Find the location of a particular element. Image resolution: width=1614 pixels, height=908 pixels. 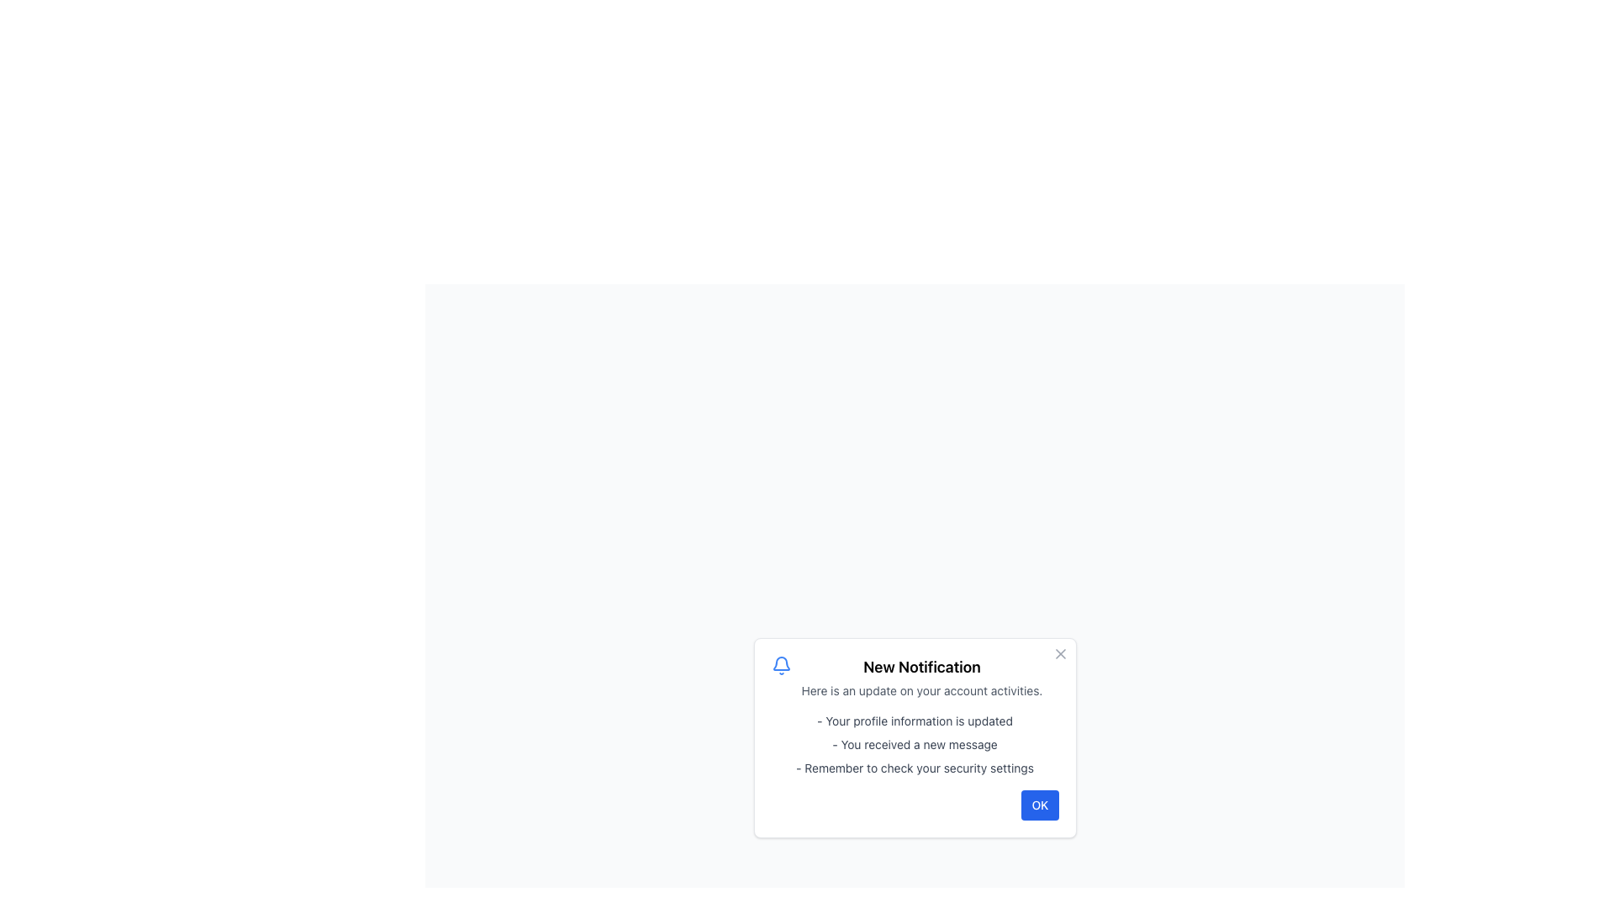

the diagonal cross icon ('X') located in the upper-right corner of the notification modal is located at coordinates (1059, 653).